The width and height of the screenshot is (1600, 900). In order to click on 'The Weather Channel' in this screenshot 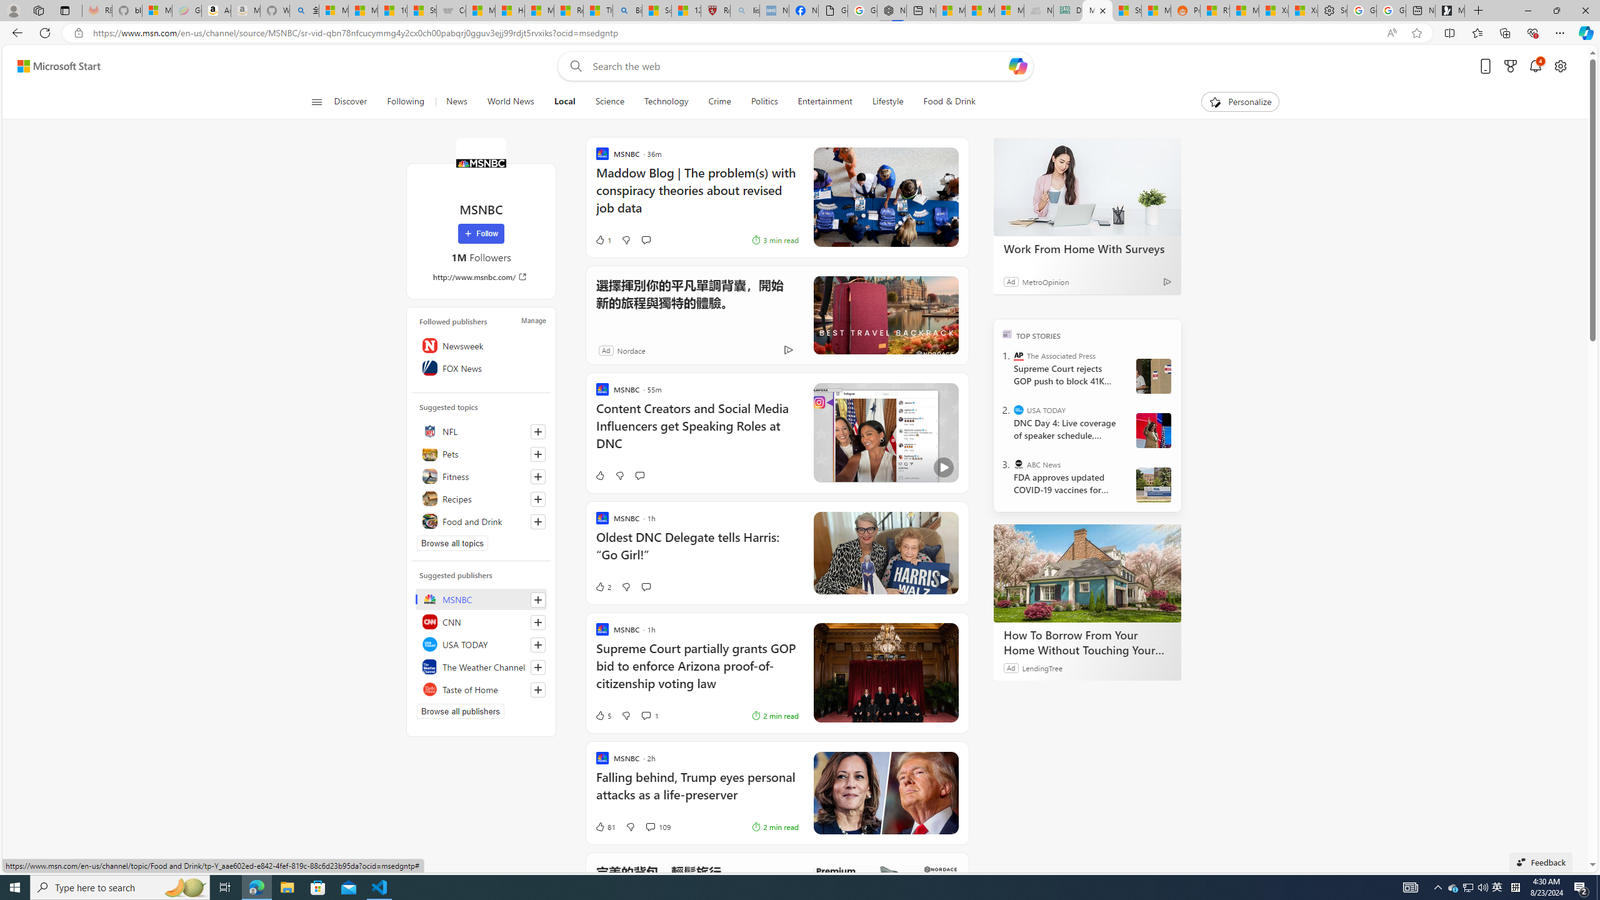, I will do `click(481, 666)`.